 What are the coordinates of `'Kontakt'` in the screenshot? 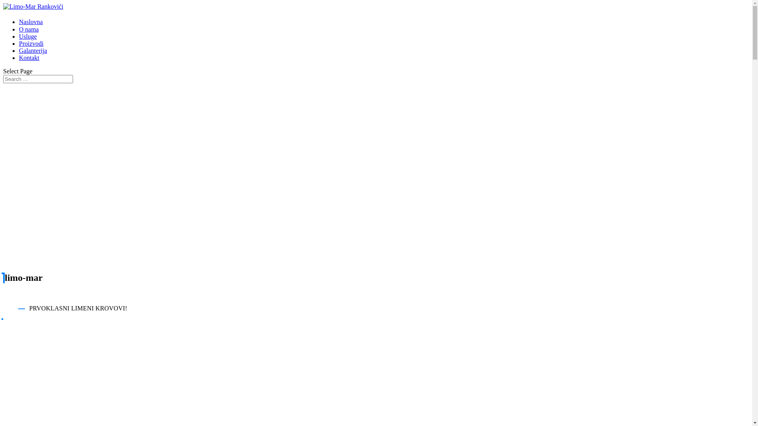 It's located at (29, 57).